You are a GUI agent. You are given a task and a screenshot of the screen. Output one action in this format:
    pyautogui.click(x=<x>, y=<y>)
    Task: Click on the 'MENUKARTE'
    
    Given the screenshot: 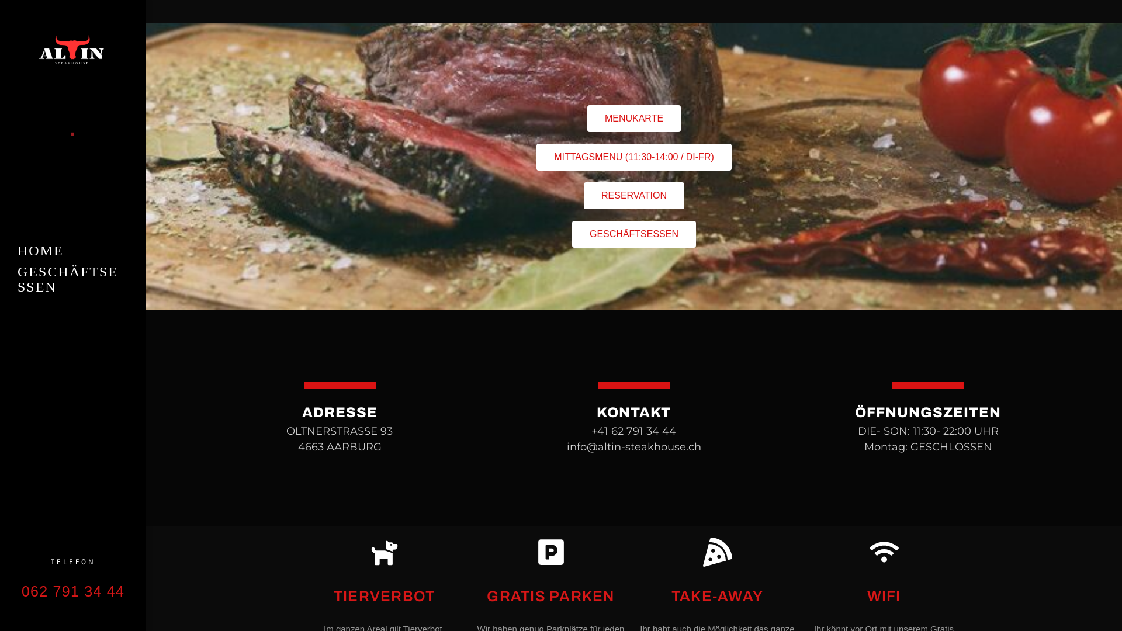 What is the action you would take?
    pyautogui.click(x=633, y=119)
    